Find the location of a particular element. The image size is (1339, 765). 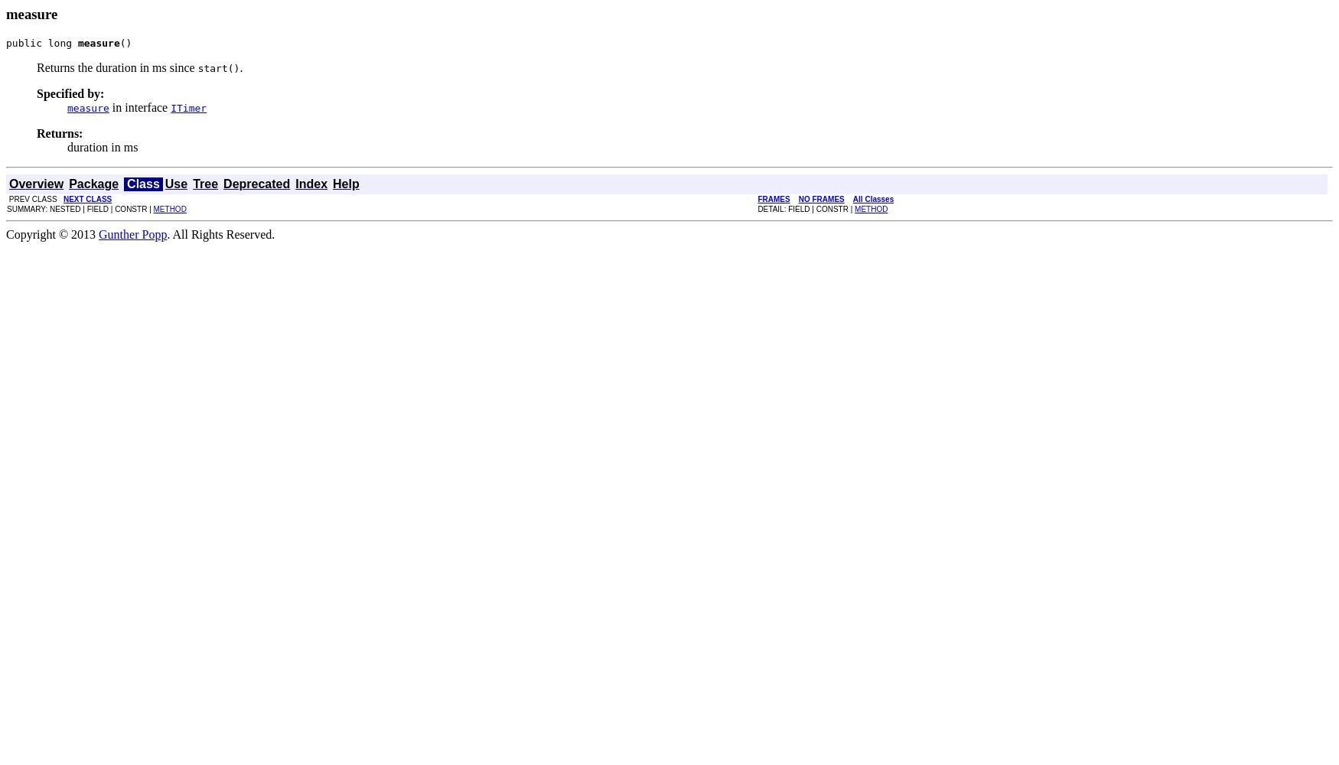

'Overview' is located at coordinates (35, 182).